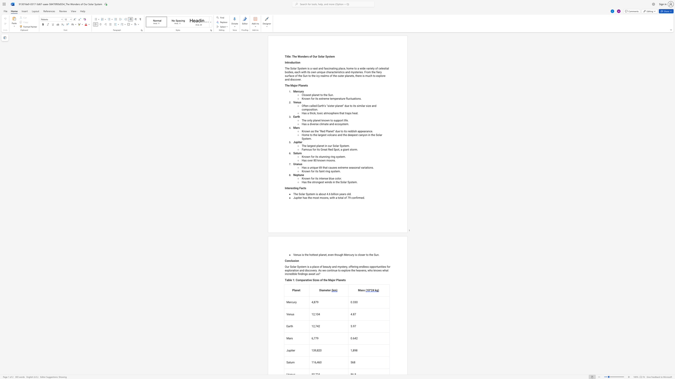 The image size is (675, 379). Describe the element at coordinates (306, 280) in the screenshot. I see `the 3th character "a" in the text` at that location.